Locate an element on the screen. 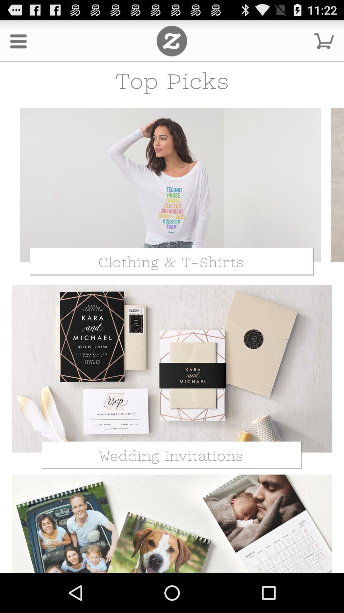 This screenshot has height=613, width=344. main menu is located at coordinates (171, 41).